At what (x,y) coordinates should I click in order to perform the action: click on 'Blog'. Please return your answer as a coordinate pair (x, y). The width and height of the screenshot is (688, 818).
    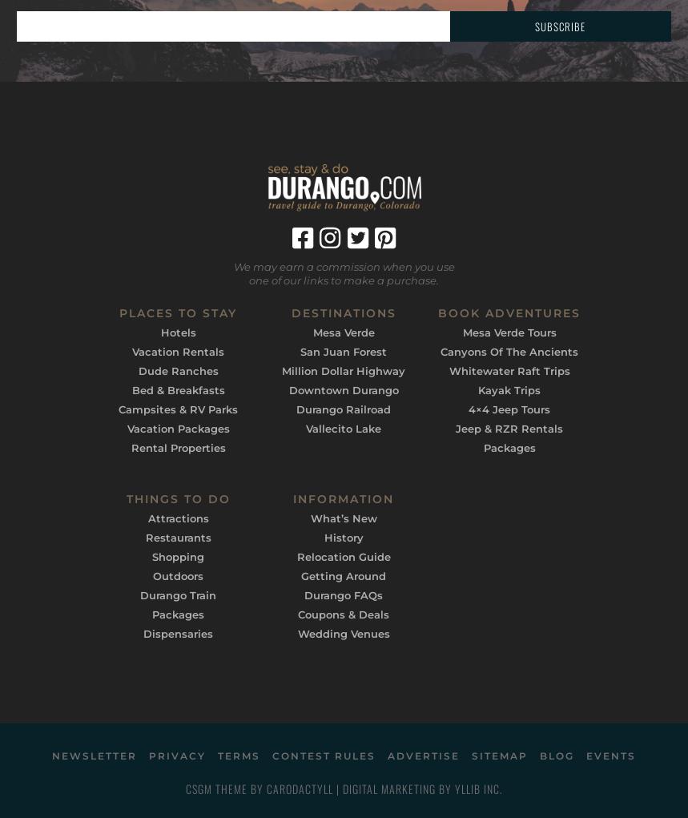
    Looking at the image, I should click on (557, 755).